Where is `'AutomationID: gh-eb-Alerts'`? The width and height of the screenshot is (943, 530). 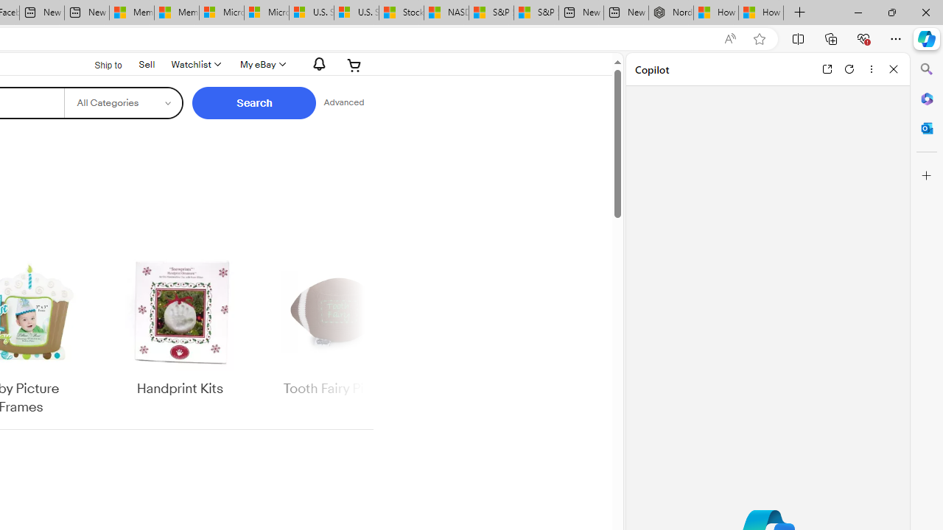 'AutomationID: gh-eb-Alerts' is located at coordinates (316, 63).